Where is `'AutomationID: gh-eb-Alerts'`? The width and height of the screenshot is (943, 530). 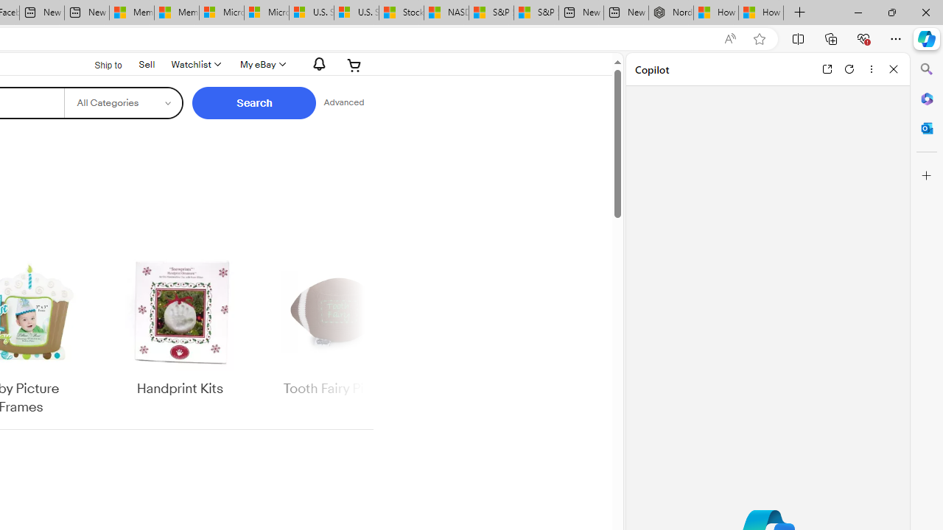 'AutomationID: gh-eb-Alerts' is located at coordinates (316, 63).